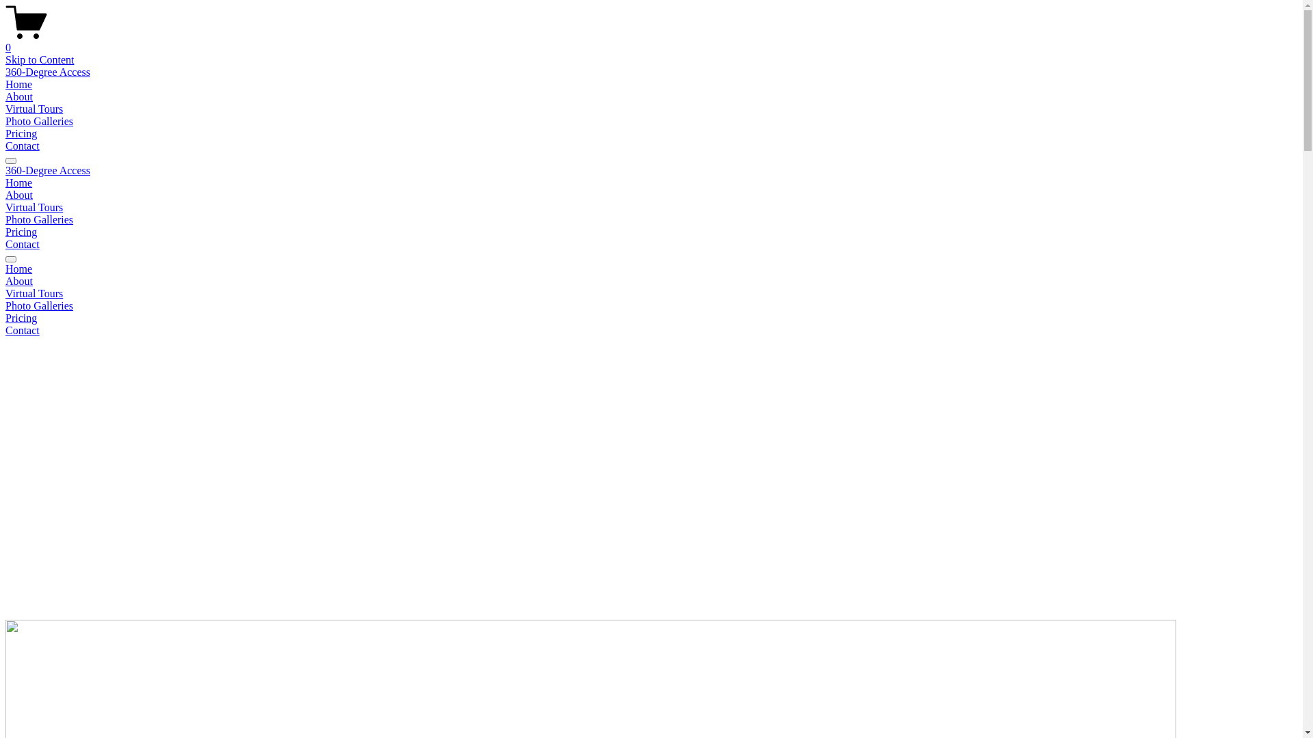  Describe the element at coordinates (650, 41) in the screenshot. I see `'0'` at that location.